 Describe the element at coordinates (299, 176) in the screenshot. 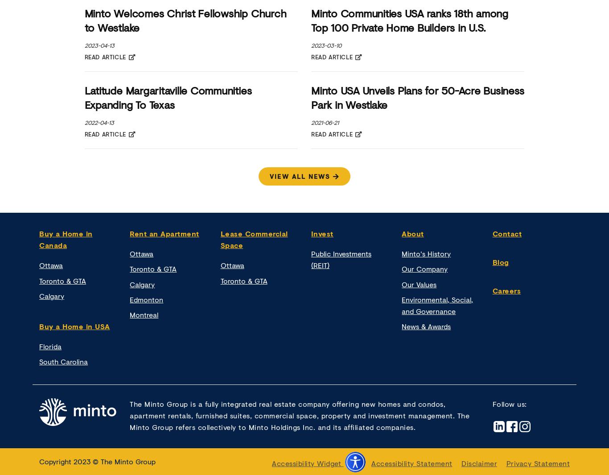

I see `'view all news'` at that location.